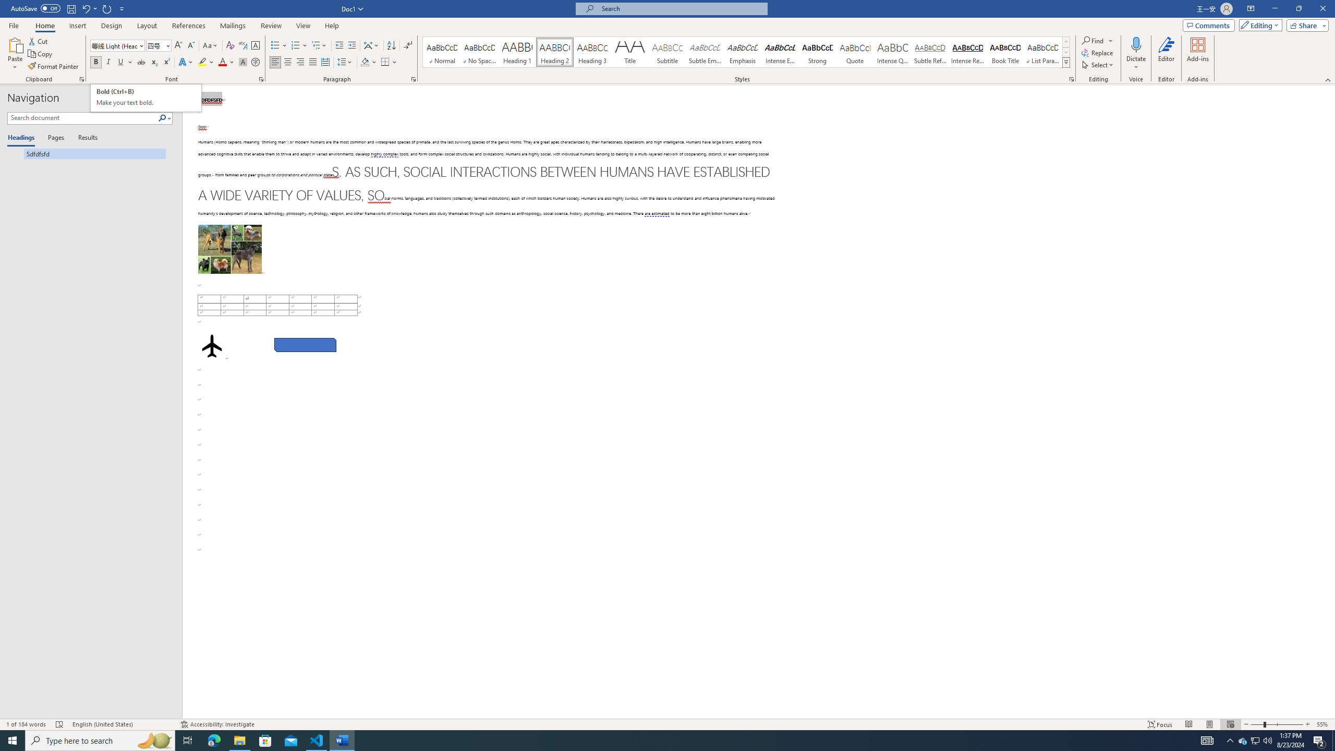 This screenshot has height=751, width=1335. Describe the element at coordinates (287, 62) in the screenshot. I see `'Center'` at that location.